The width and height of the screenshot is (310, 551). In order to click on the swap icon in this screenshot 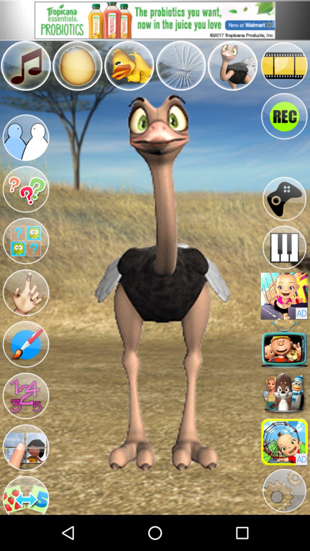, I will do `click(25, 529)`.